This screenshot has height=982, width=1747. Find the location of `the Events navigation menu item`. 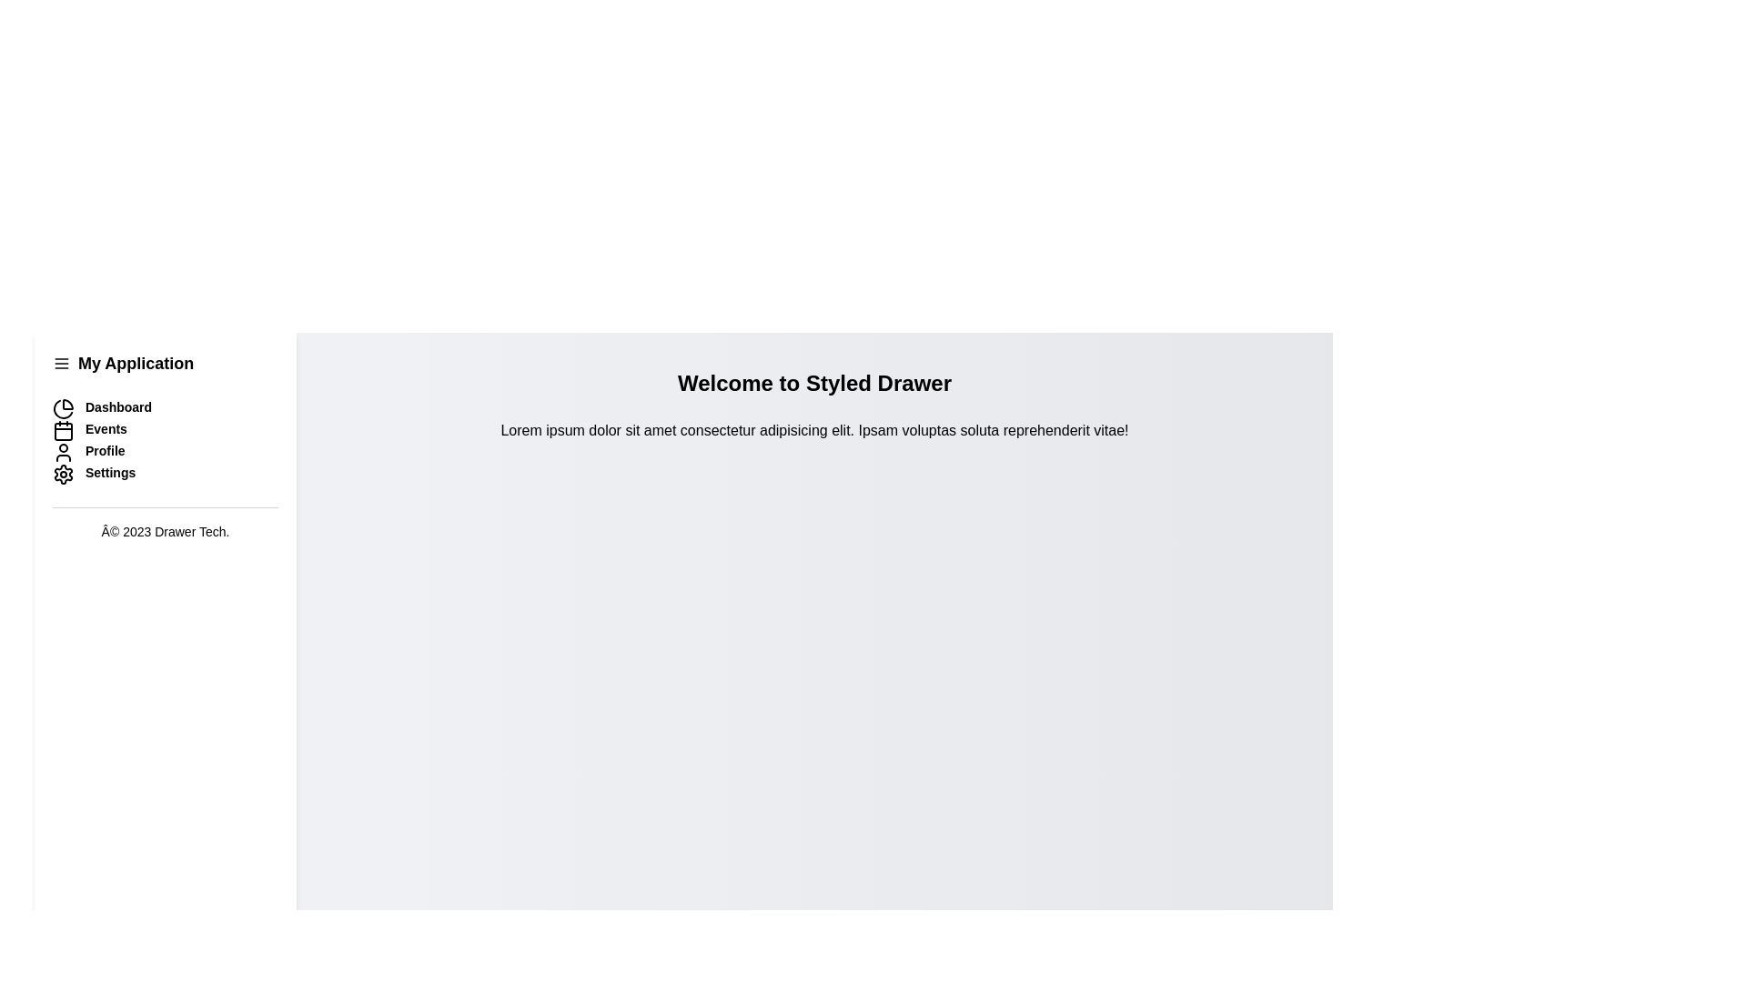

the Events navigation menu item is located at coordinates (166, 431).